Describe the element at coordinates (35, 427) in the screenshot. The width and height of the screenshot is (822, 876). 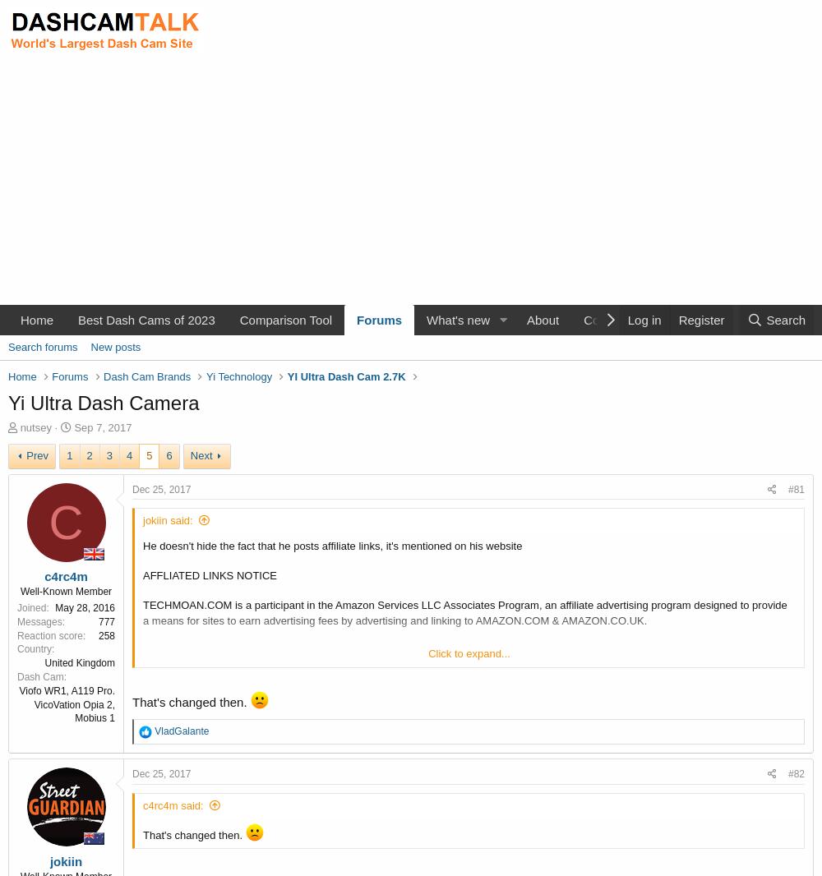
I see `'nutsey'` at that location.